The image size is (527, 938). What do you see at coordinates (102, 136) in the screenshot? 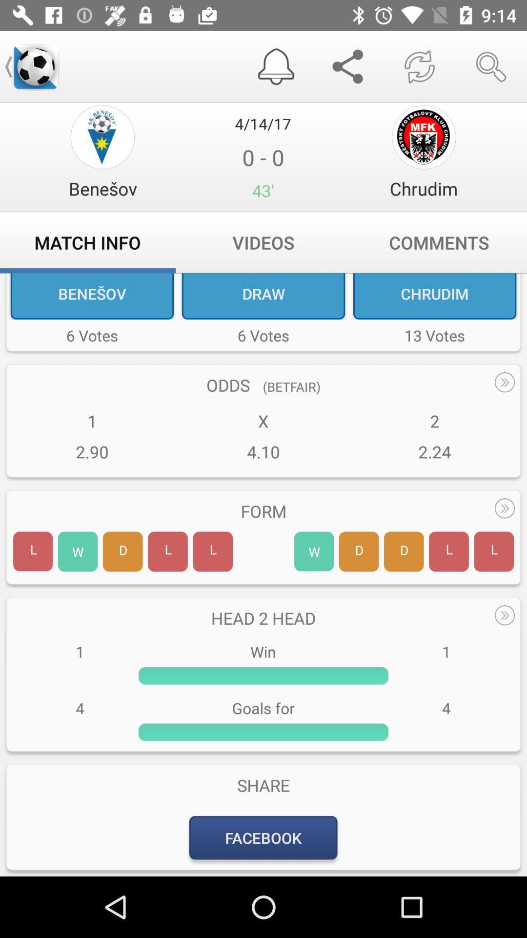
I see `the avatar icon` at bounding box center [102, 136].